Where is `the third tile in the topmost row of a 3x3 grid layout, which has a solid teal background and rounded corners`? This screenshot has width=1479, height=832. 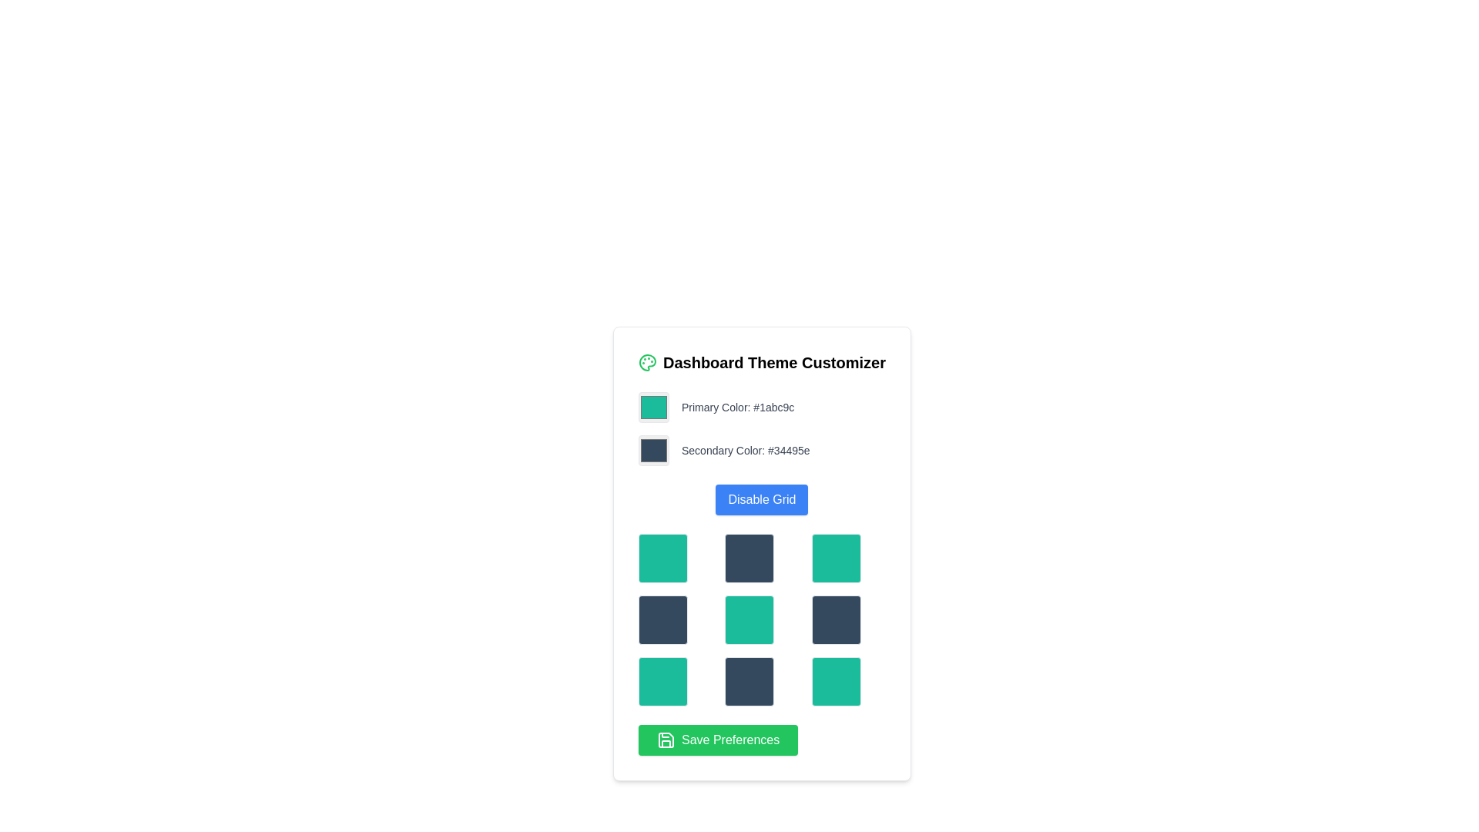 the third tile in the topmost row of a 3x3 grid layout, which has a solid teal background and rounded corners is located at coordinates (835, 559).